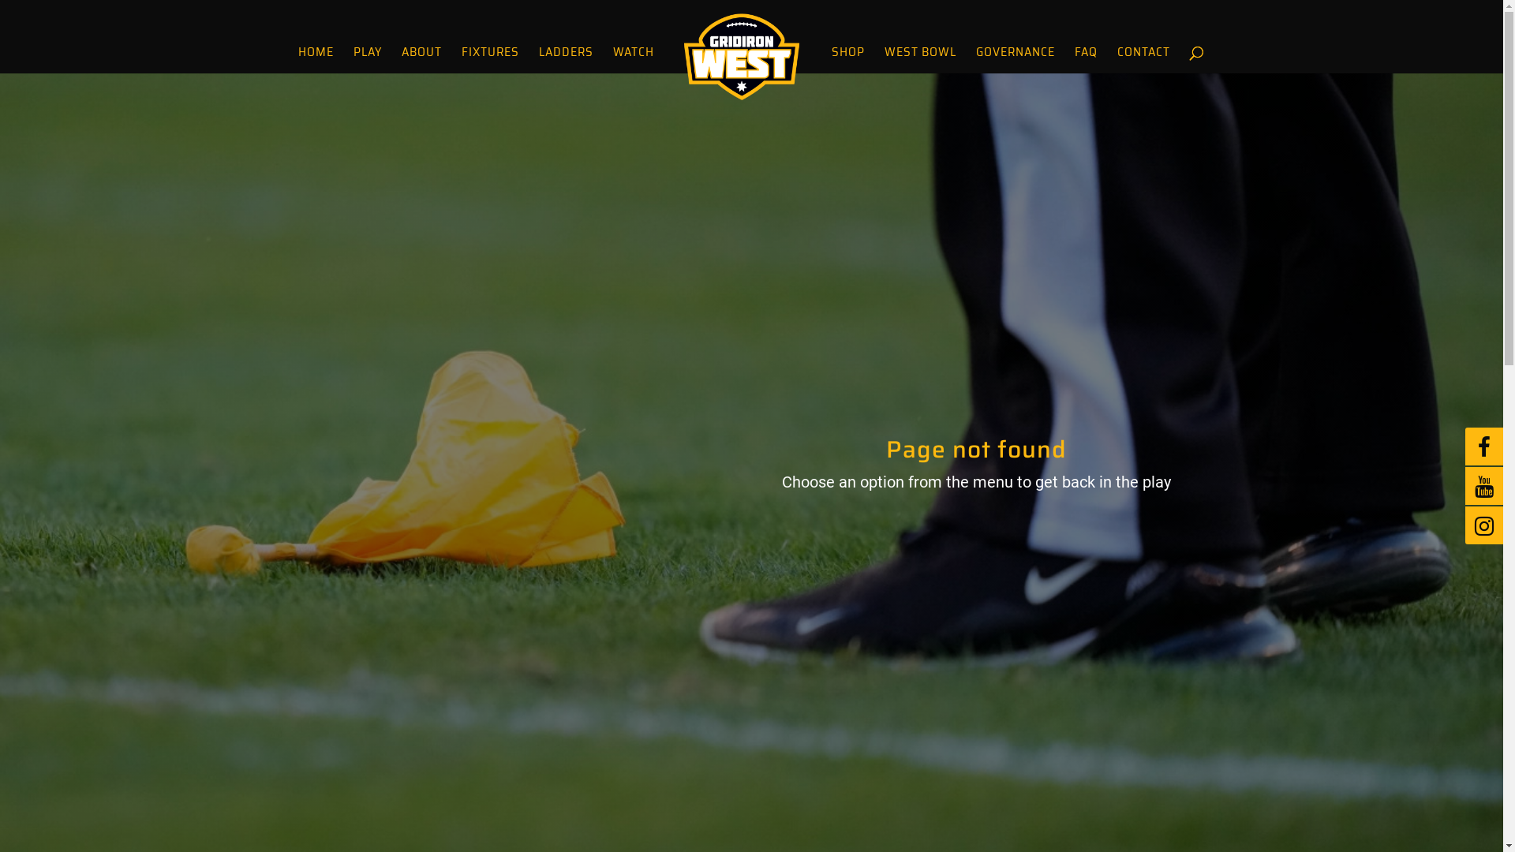  Describe the element at coordinates (974, 59) in the screenshot. I see `'GOVERNANCE'` at that location.